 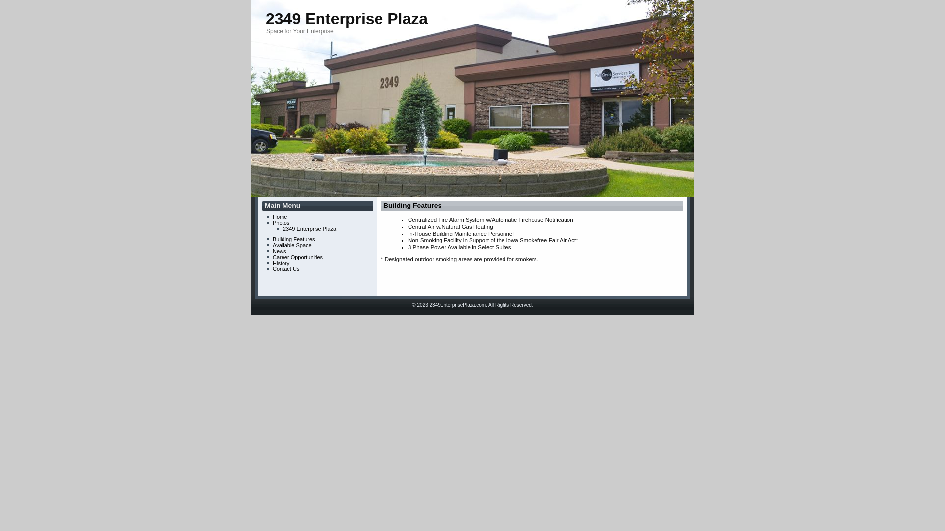 I want to click on 'News', so click(x=279, y=250).